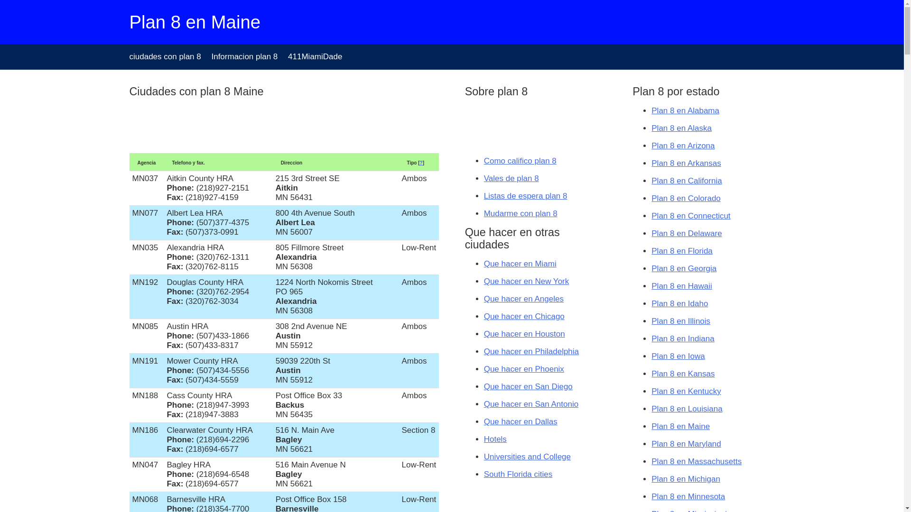 The width and height of the screenshot is (911, 512). I want to click on 'Hotels', so click(494, 439).